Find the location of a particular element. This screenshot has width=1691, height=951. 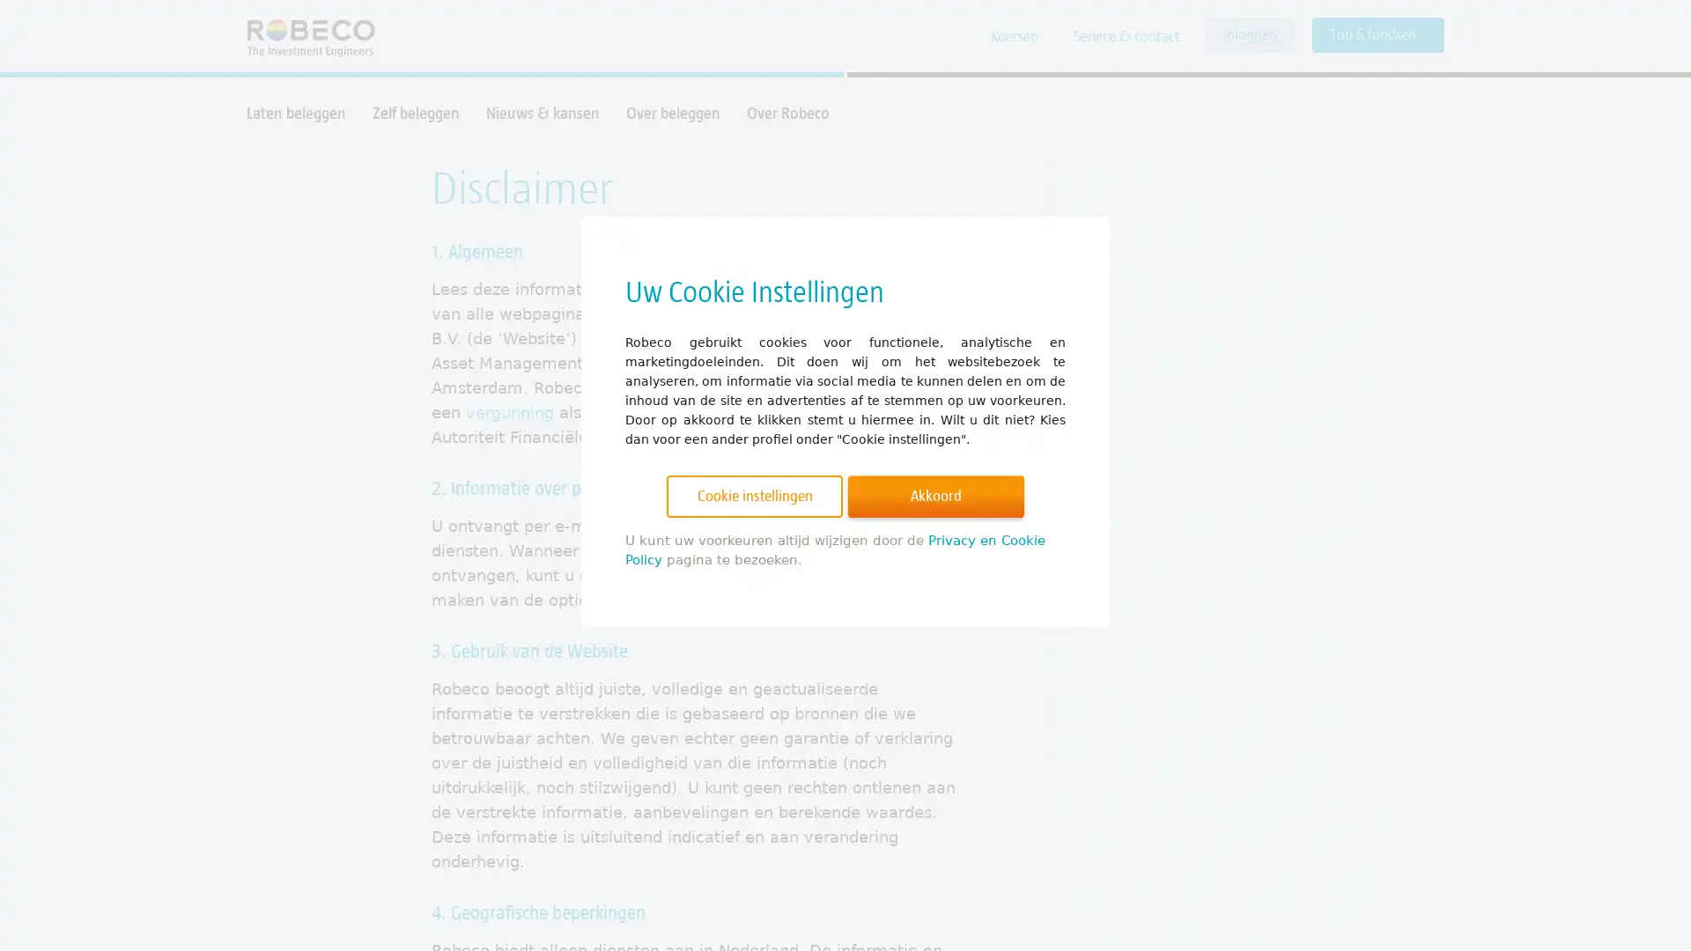

Laten beleggen is located at coordinates (296, 113).